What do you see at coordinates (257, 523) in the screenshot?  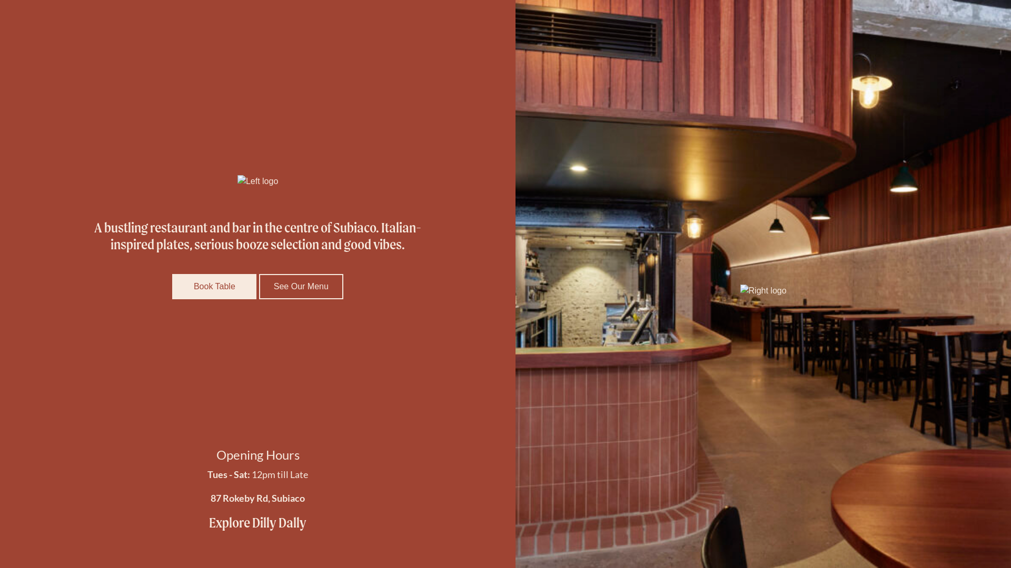 I see `'Explore Dilly Dally'` at bounding box center [257, 523].